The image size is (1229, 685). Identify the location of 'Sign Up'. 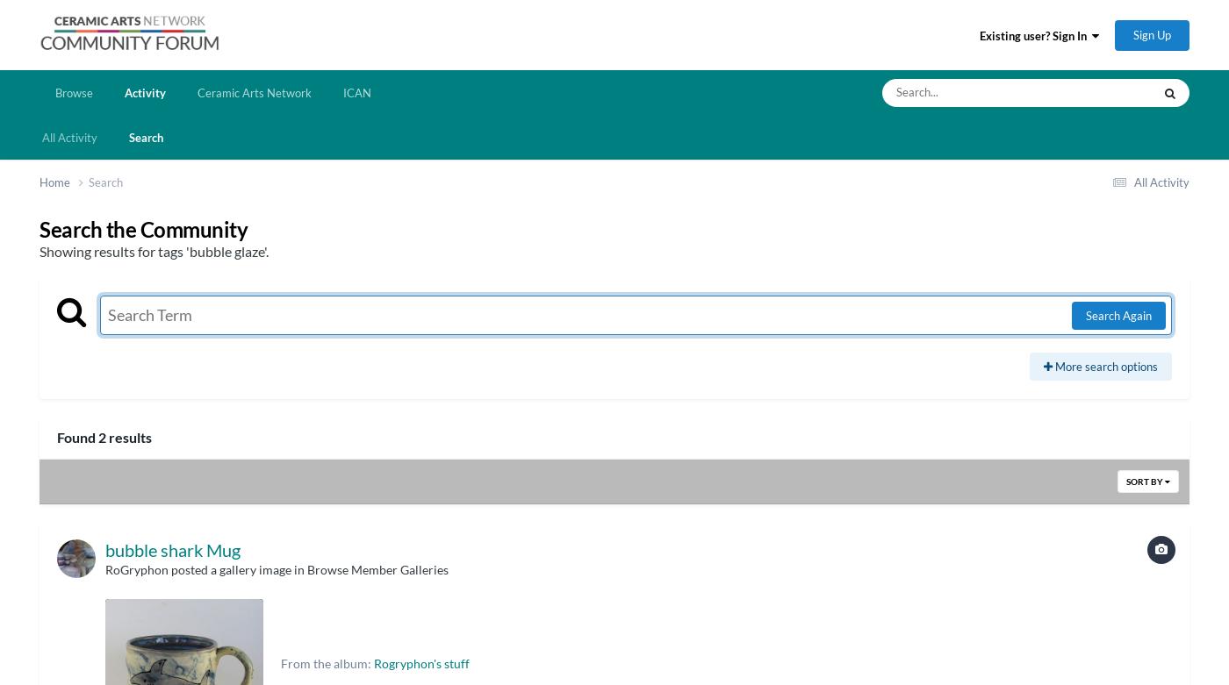
(1152, 33).